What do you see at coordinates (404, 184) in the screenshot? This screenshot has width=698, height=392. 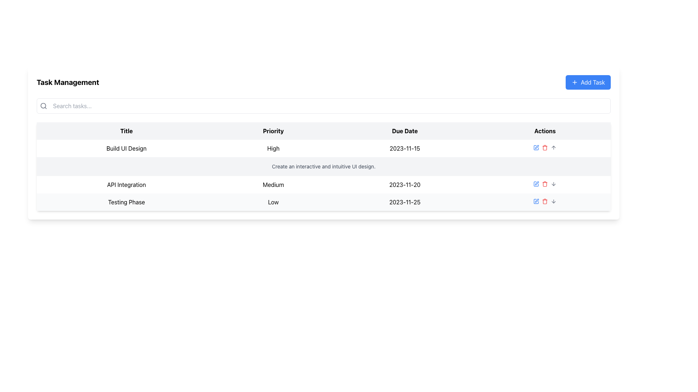 I see `the static text element displaying '2023-11-20' in the 'Due Date' column of the table for the 'API Integration' task` at bounding box center [404, 184].